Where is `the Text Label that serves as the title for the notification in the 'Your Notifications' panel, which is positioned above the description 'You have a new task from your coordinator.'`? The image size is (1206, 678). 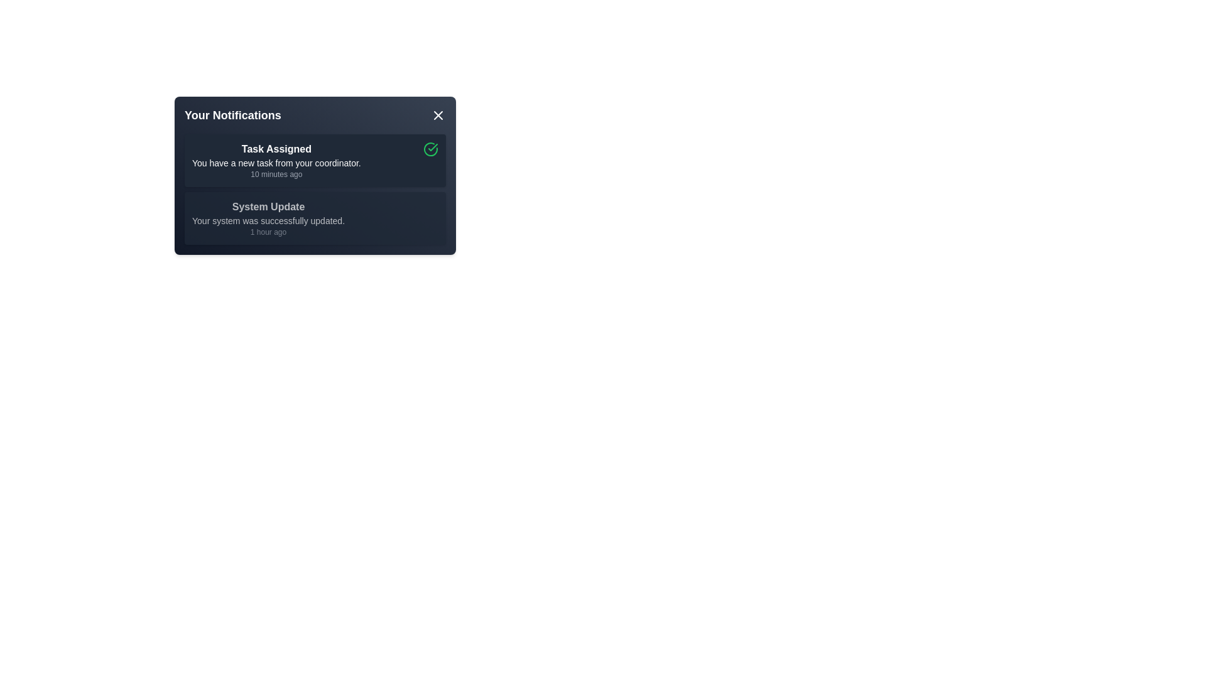 the Text Label that serves as the title for the notification in the 'Your Notifications' panel, which is positioned above the description 'You have a new task from your coordinator.' is located at coordinates (276, 149).